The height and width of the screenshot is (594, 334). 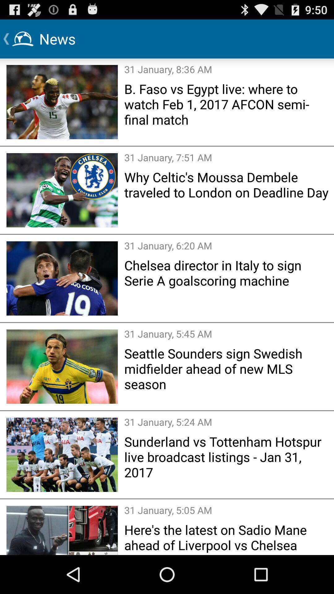 I want to click on the b faso vs icon, so click(x=227, y=104).